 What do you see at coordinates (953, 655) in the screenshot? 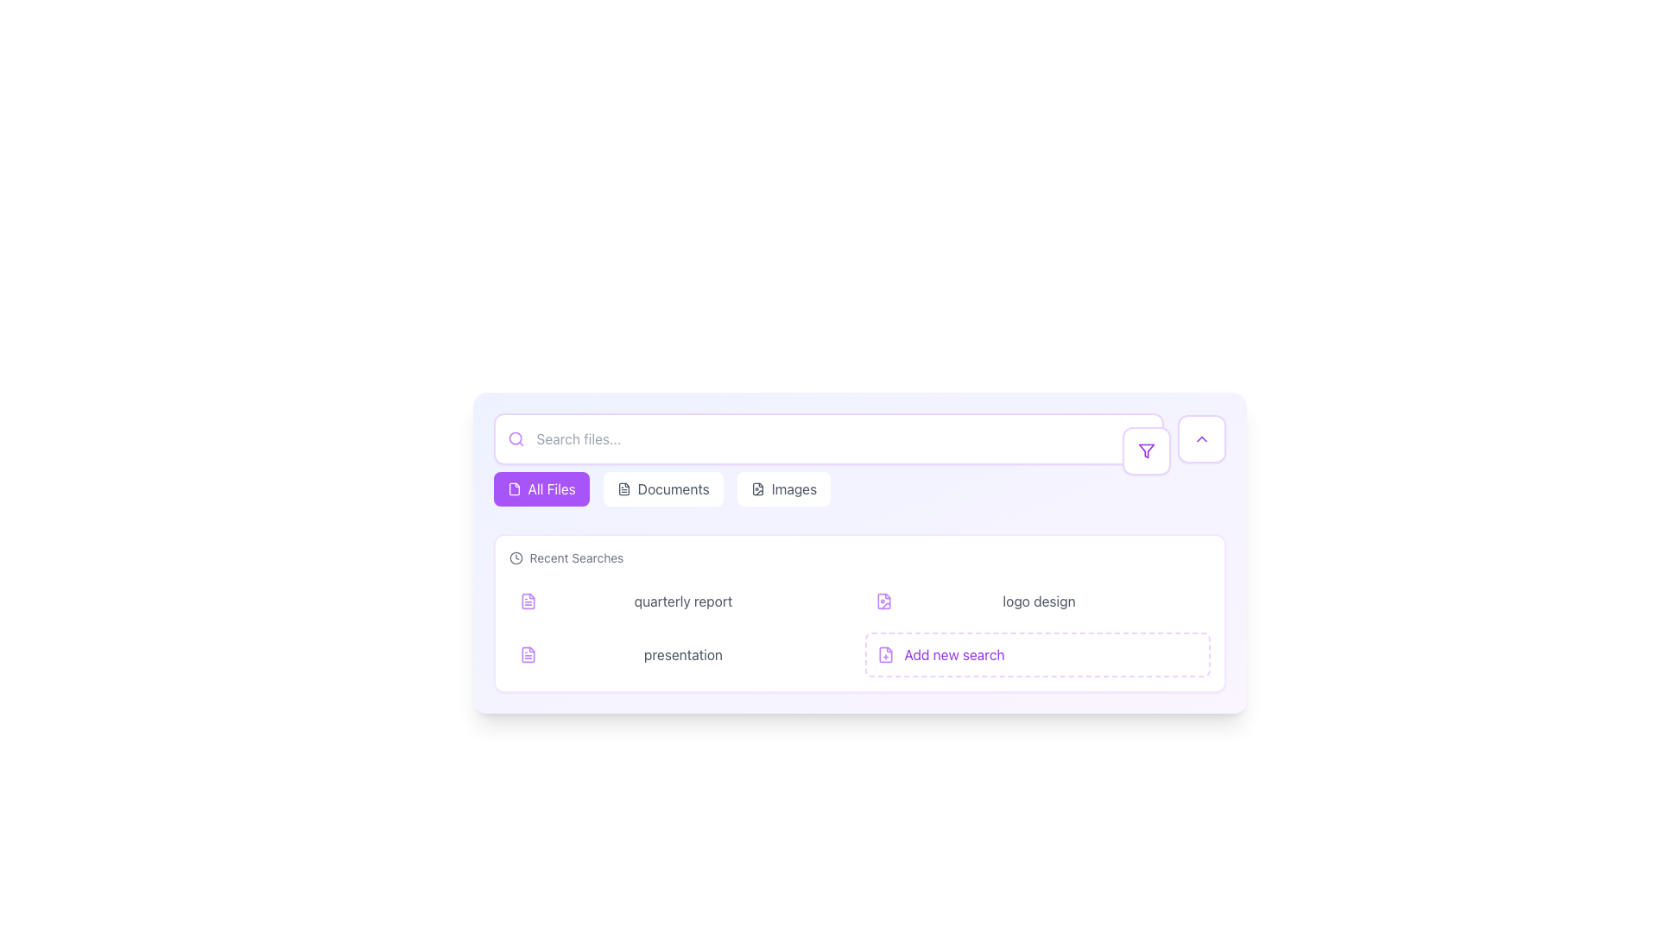
I see `the Text Label that indicates the functionality to add a new search item, located within a highlighted area resembling a clickable card at the bottom section of the interface` at bounding box center [953, 655].